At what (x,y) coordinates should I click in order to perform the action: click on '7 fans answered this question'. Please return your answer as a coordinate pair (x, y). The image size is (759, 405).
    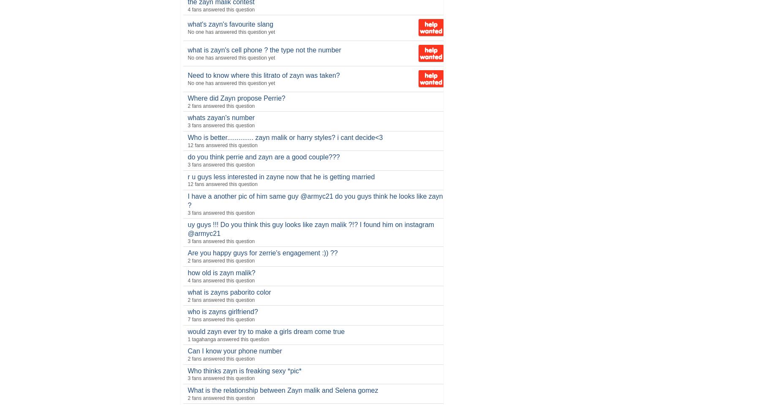
    Looking at the image, I should click on (220, 319).